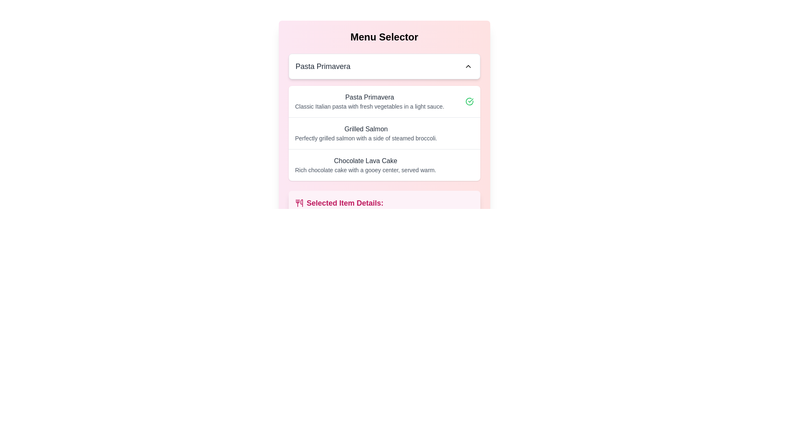  What do you see at coordinates (369, 101) in the screenshot?
I see `to select the menu item titled 'Pasta Primavera', which is the second item in the list of the 'Menu Selector' interface, featuring a bold title and a descriptive text below it` at bounding box center [369, 101].